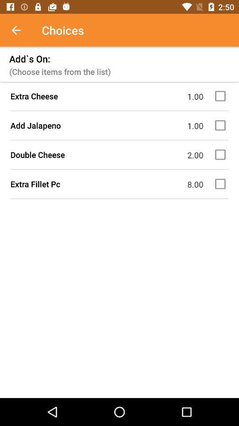  What do you see at coordinates (221, 154) in the screenshot?
I see `double cheese select button` at bounding box center [221, 154].